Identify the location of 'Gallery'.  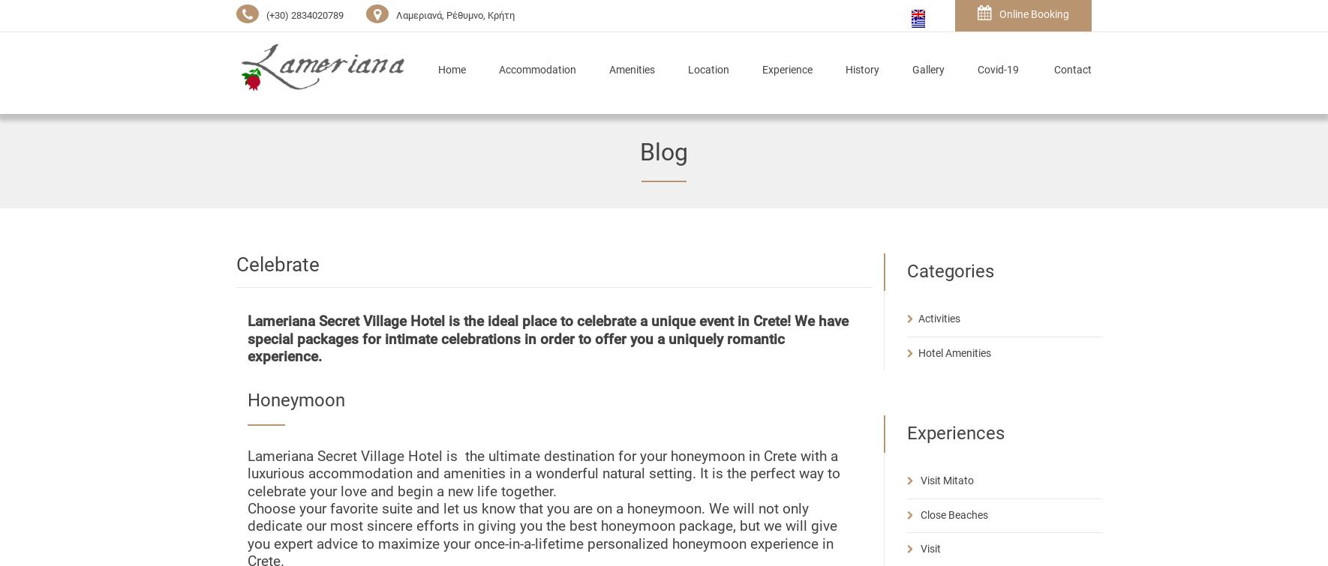
(911, 70).